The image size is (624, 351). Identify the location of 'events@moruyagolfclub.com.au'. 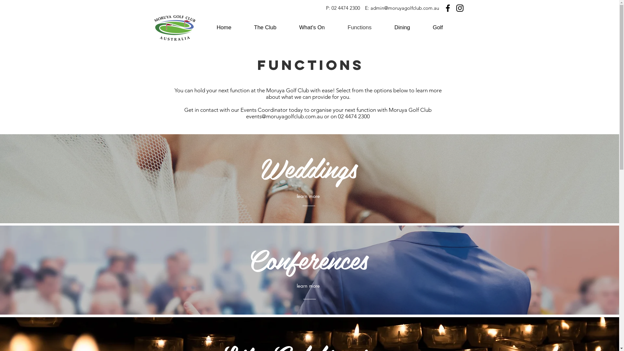
(284, 116).